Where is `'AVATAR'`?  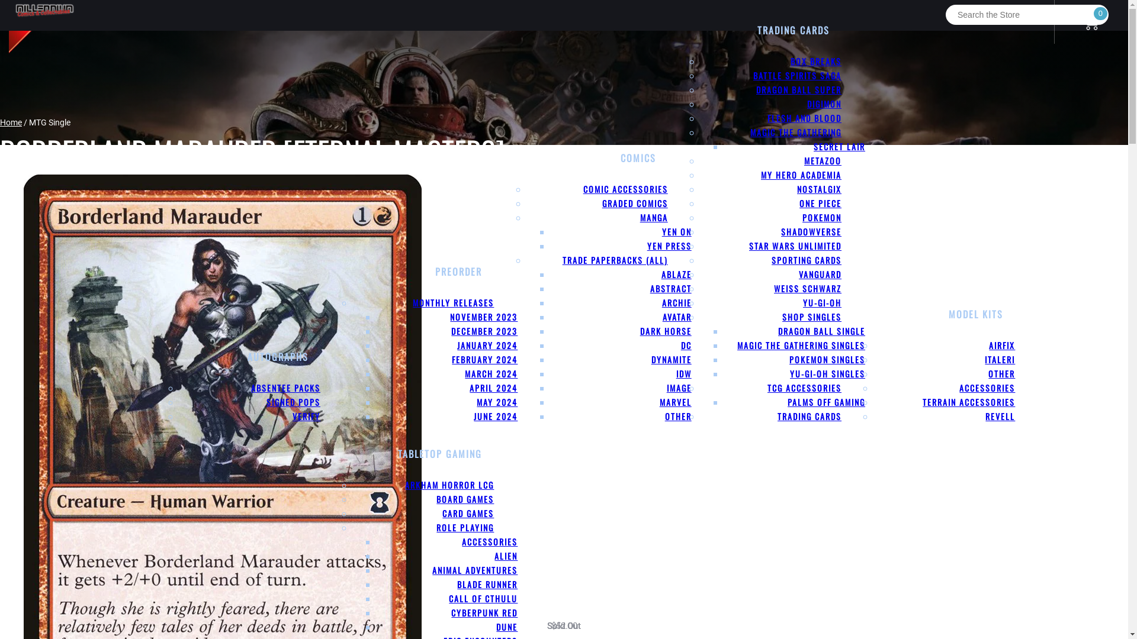 'AVATAR' is located at coordinates (661, 316).